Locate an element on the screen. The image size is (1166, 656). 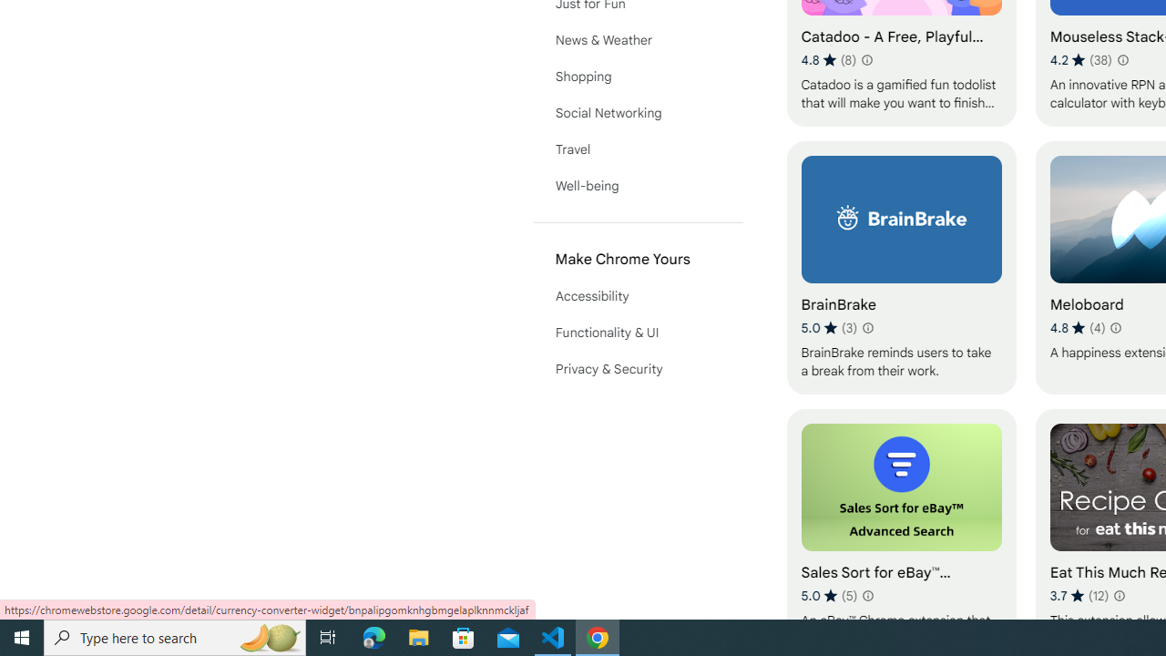
'Privacy & Security' is located at coordinates (638, 369).